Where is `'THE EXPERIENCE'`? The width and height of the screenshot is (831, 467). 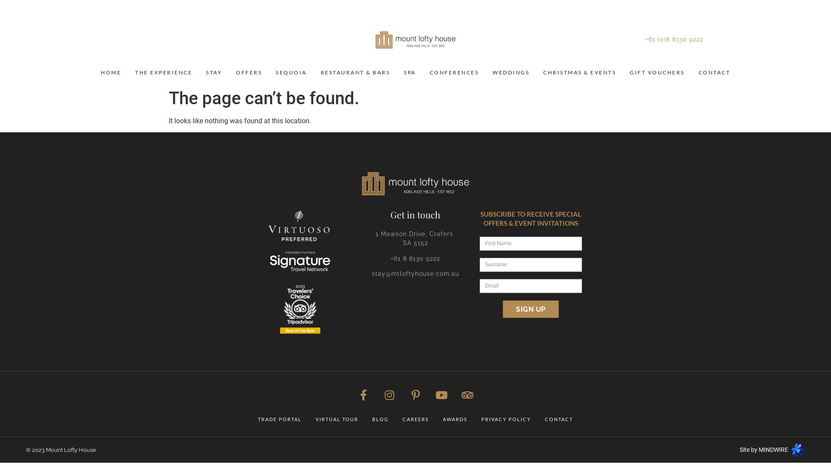
'THE EXPERIENCE' is located at coordinates (135, 72).